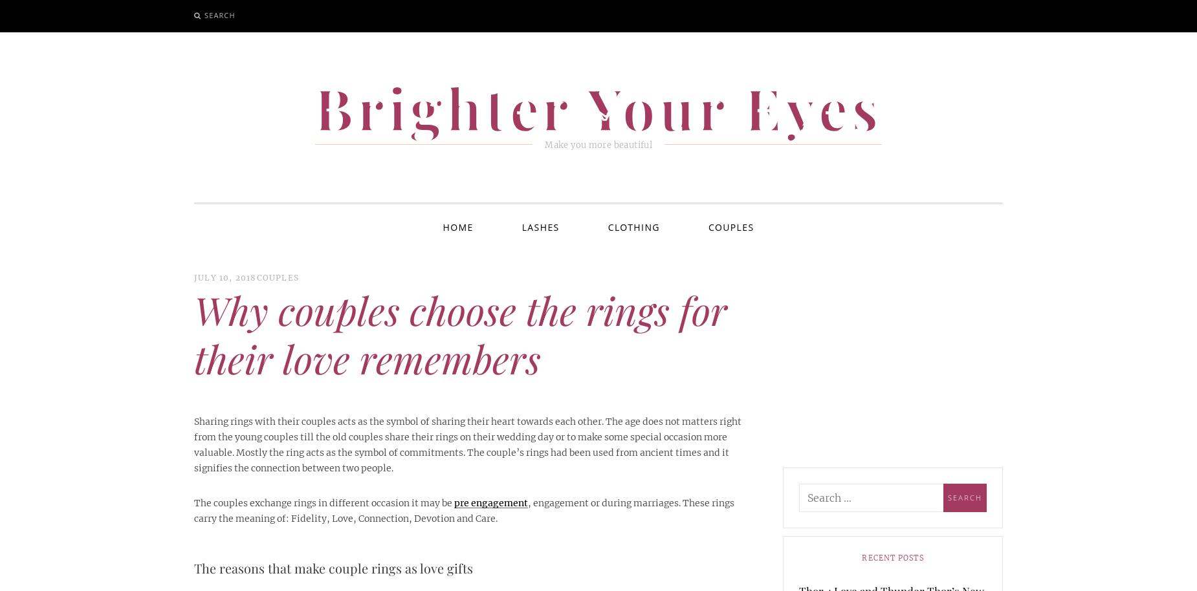  What do you see at coordinates (333, 566) in the screenshot?
I see `'The reasons that make couple rings as love gifts'` at bounding box center [333, 566].